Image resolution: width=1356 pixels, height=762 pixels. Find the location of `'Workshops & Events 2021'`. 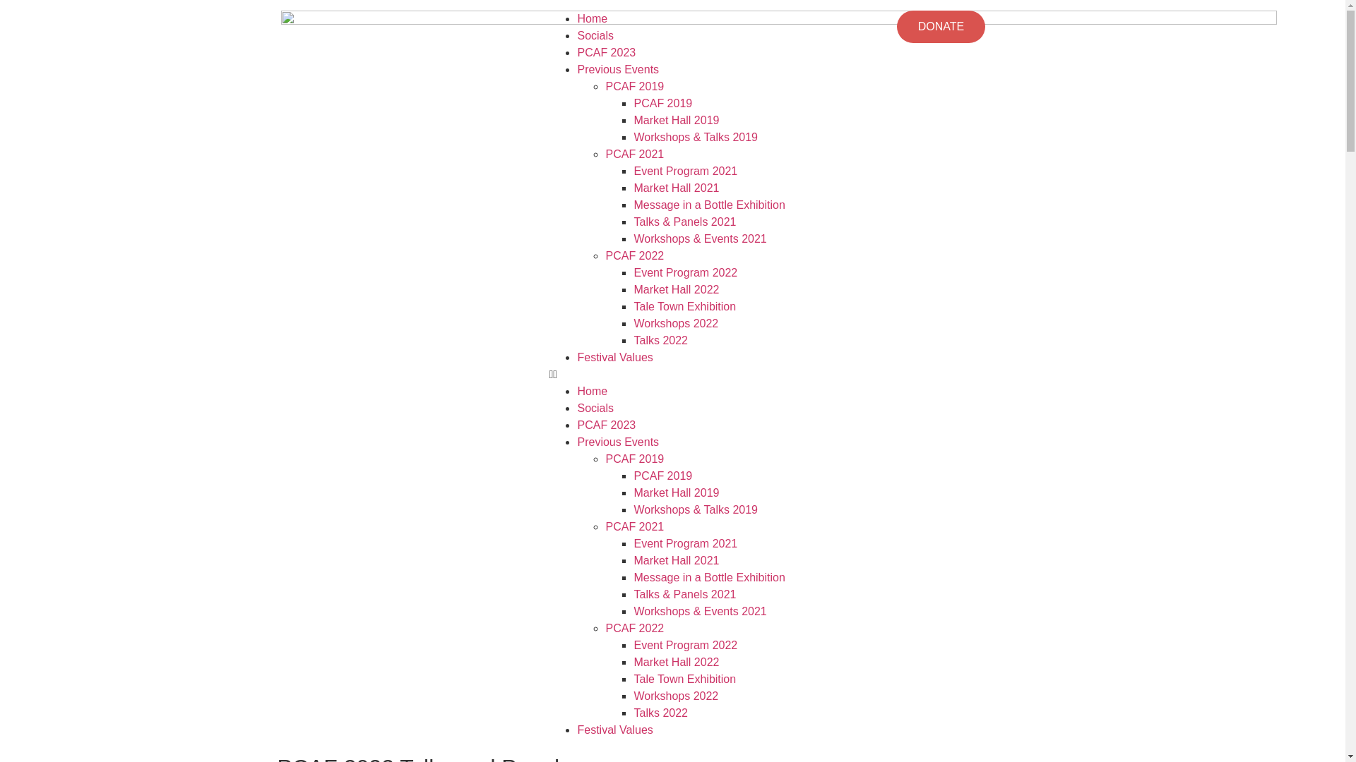

'Workshops & Events 2021' is located at coordinates (699, 610).